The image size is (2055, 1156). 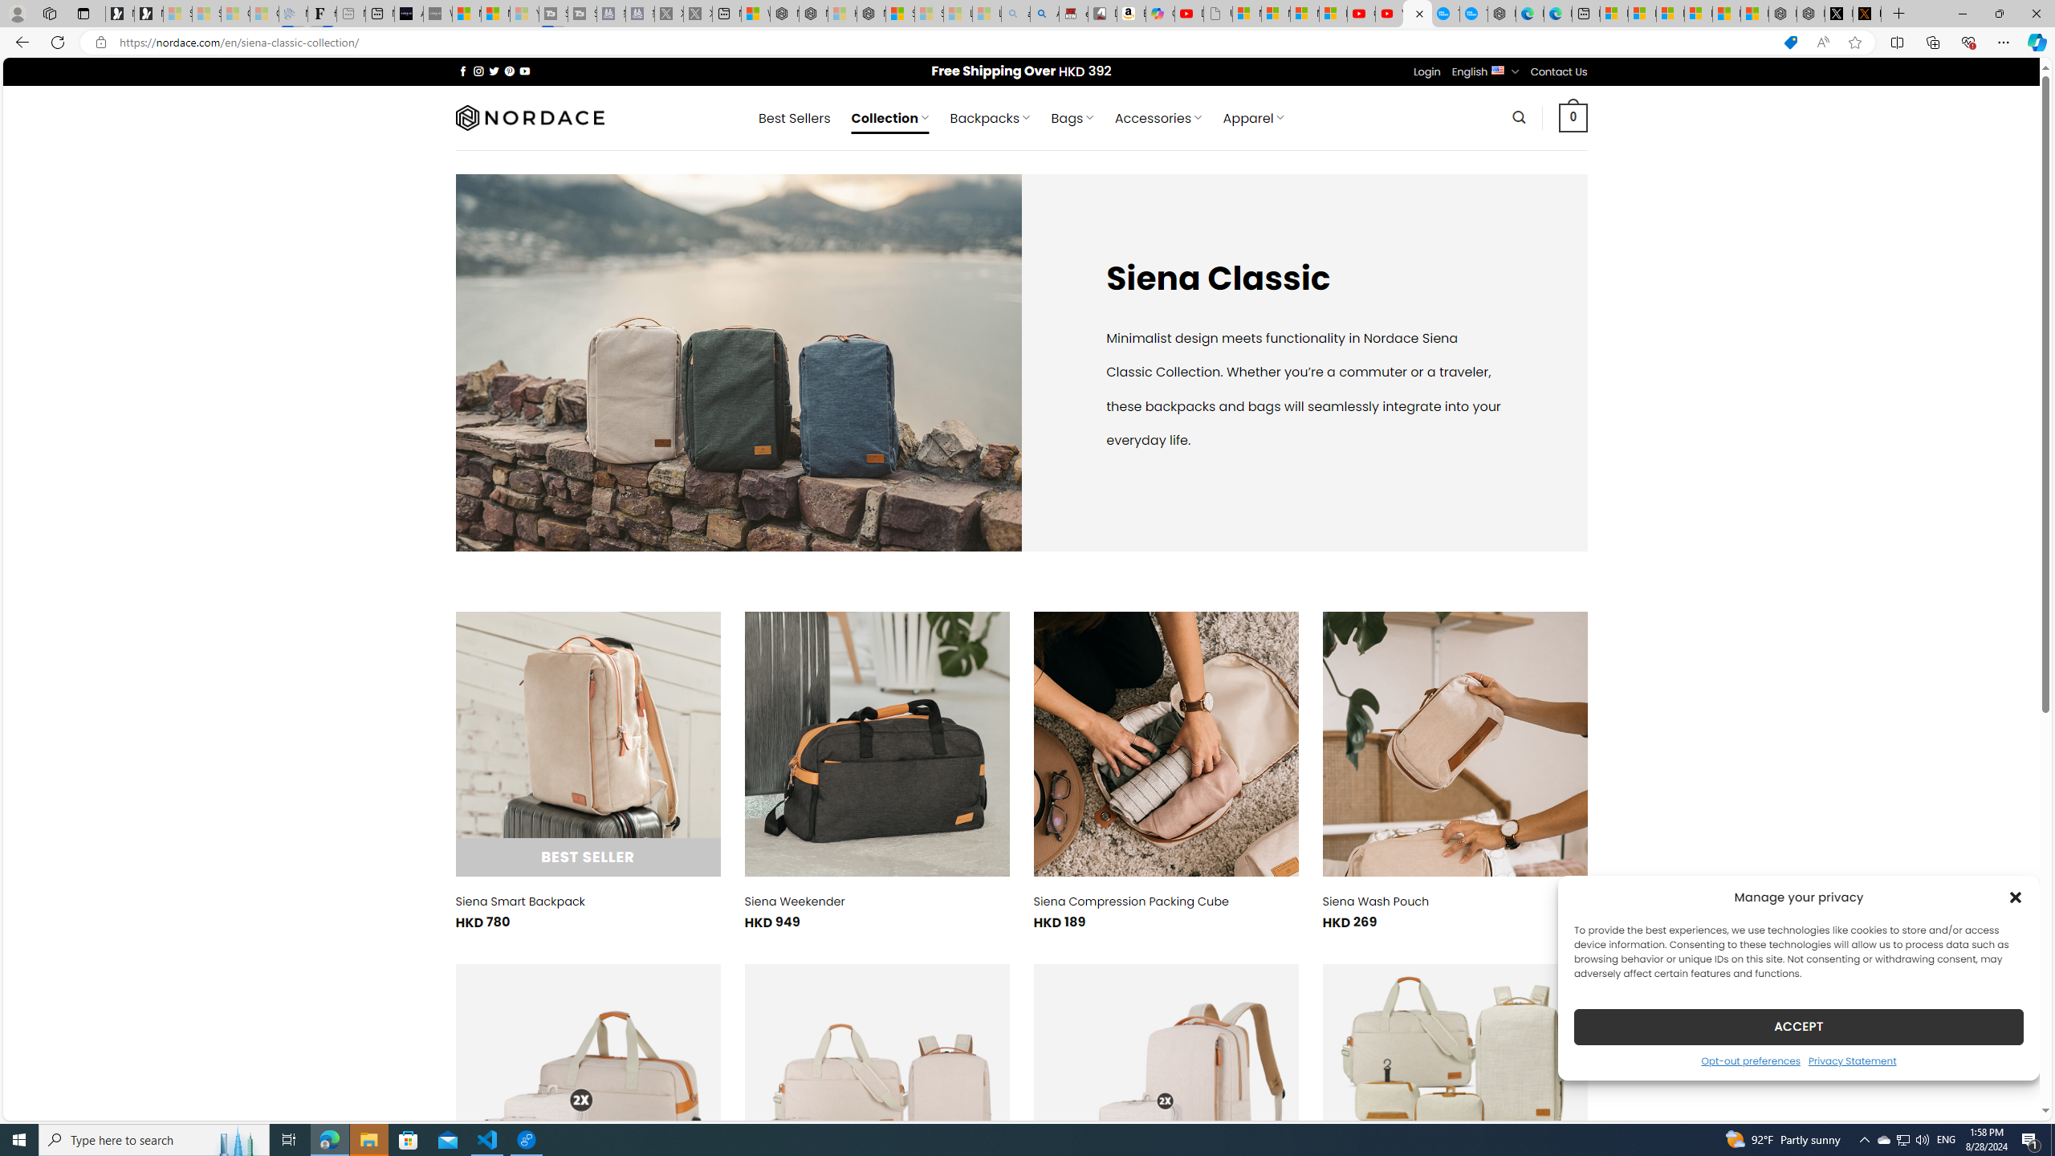 I want to click on 'Follow on Pinterest', so click(x=507, y=71).